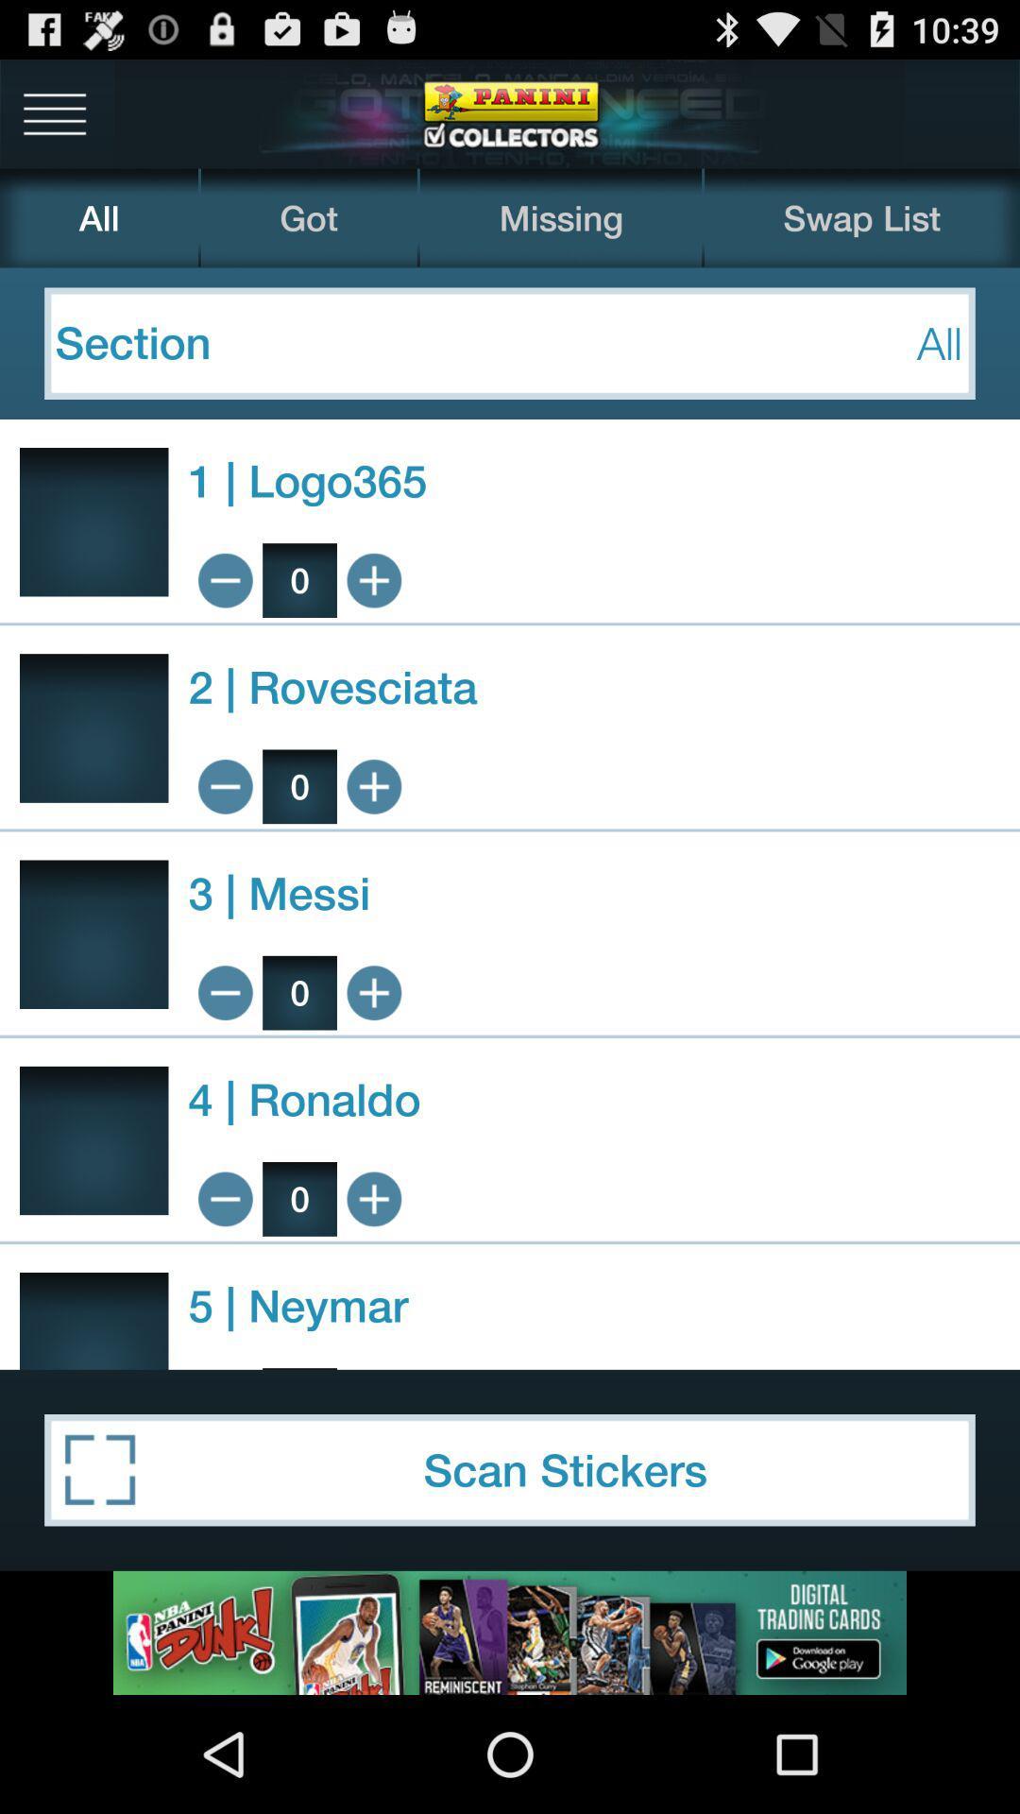 This screenshot has height=1814, width=1020. What do you see at coordinates (54, 112) in the screenshot?
I see `more settings` at bounding box center [54, 112].